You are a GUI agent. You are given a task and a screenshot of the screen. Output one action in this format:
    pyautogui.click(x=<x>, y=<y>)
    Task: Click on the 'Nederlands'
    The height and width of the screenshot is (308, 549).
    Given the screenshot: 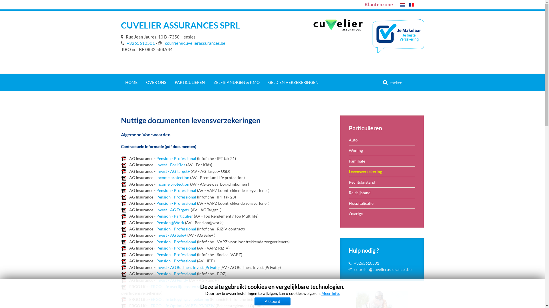 What is the action you would take?
    pyautogui.click(x=402, y=5)
    